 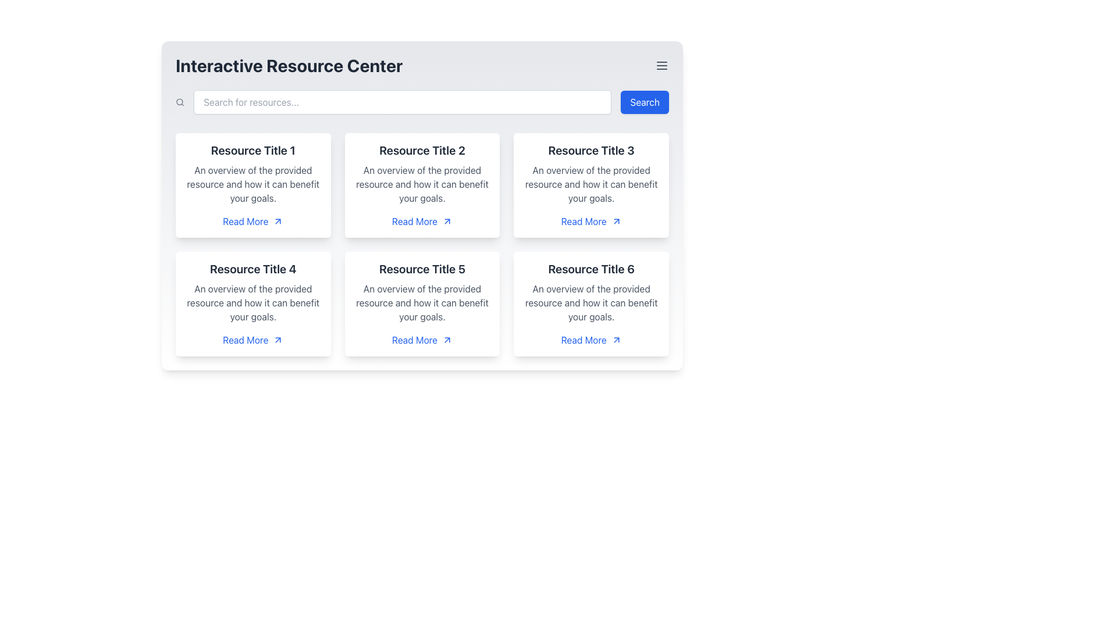 What do you see at coordinates (252, 149) in the screenshot?
I see `the 'Resource Title 1' text label, which is styled in bold and dark gray, located in the top-left card of the grid layout` at bounding box center [252, 149].